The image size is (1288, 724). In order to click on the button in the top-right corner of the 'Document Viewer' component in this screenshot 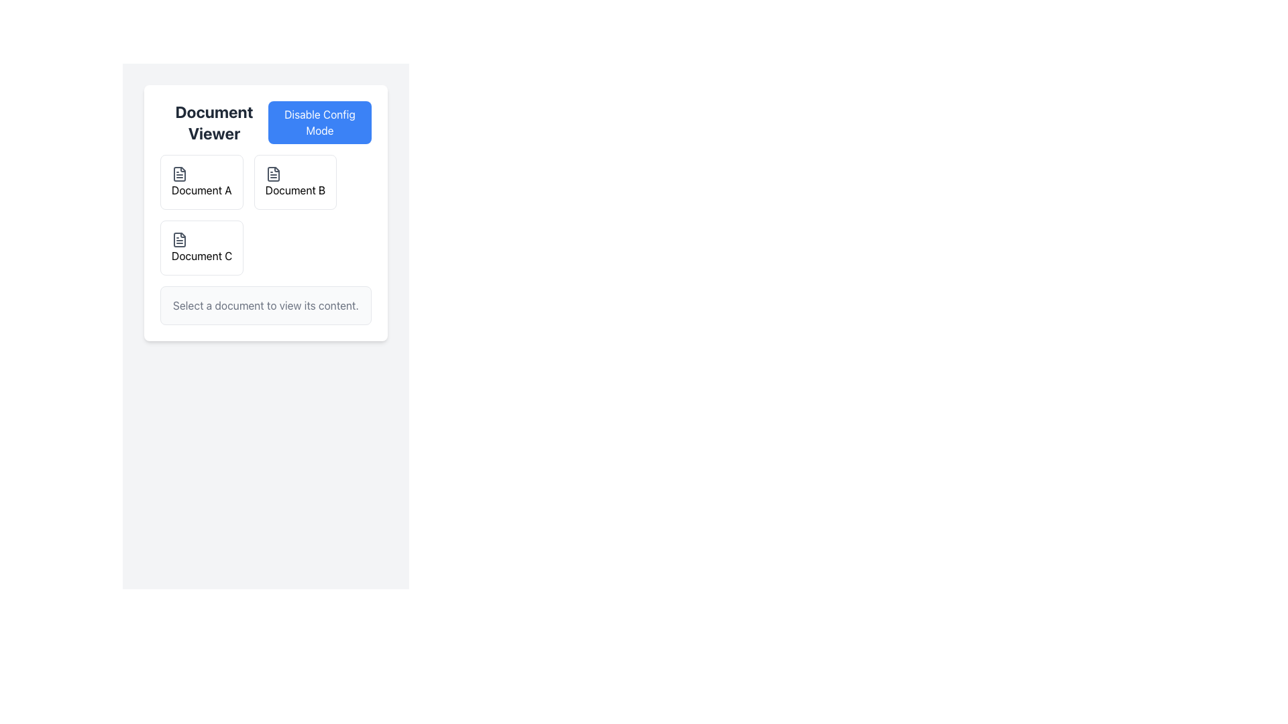, I will do `click(319, 122)`.